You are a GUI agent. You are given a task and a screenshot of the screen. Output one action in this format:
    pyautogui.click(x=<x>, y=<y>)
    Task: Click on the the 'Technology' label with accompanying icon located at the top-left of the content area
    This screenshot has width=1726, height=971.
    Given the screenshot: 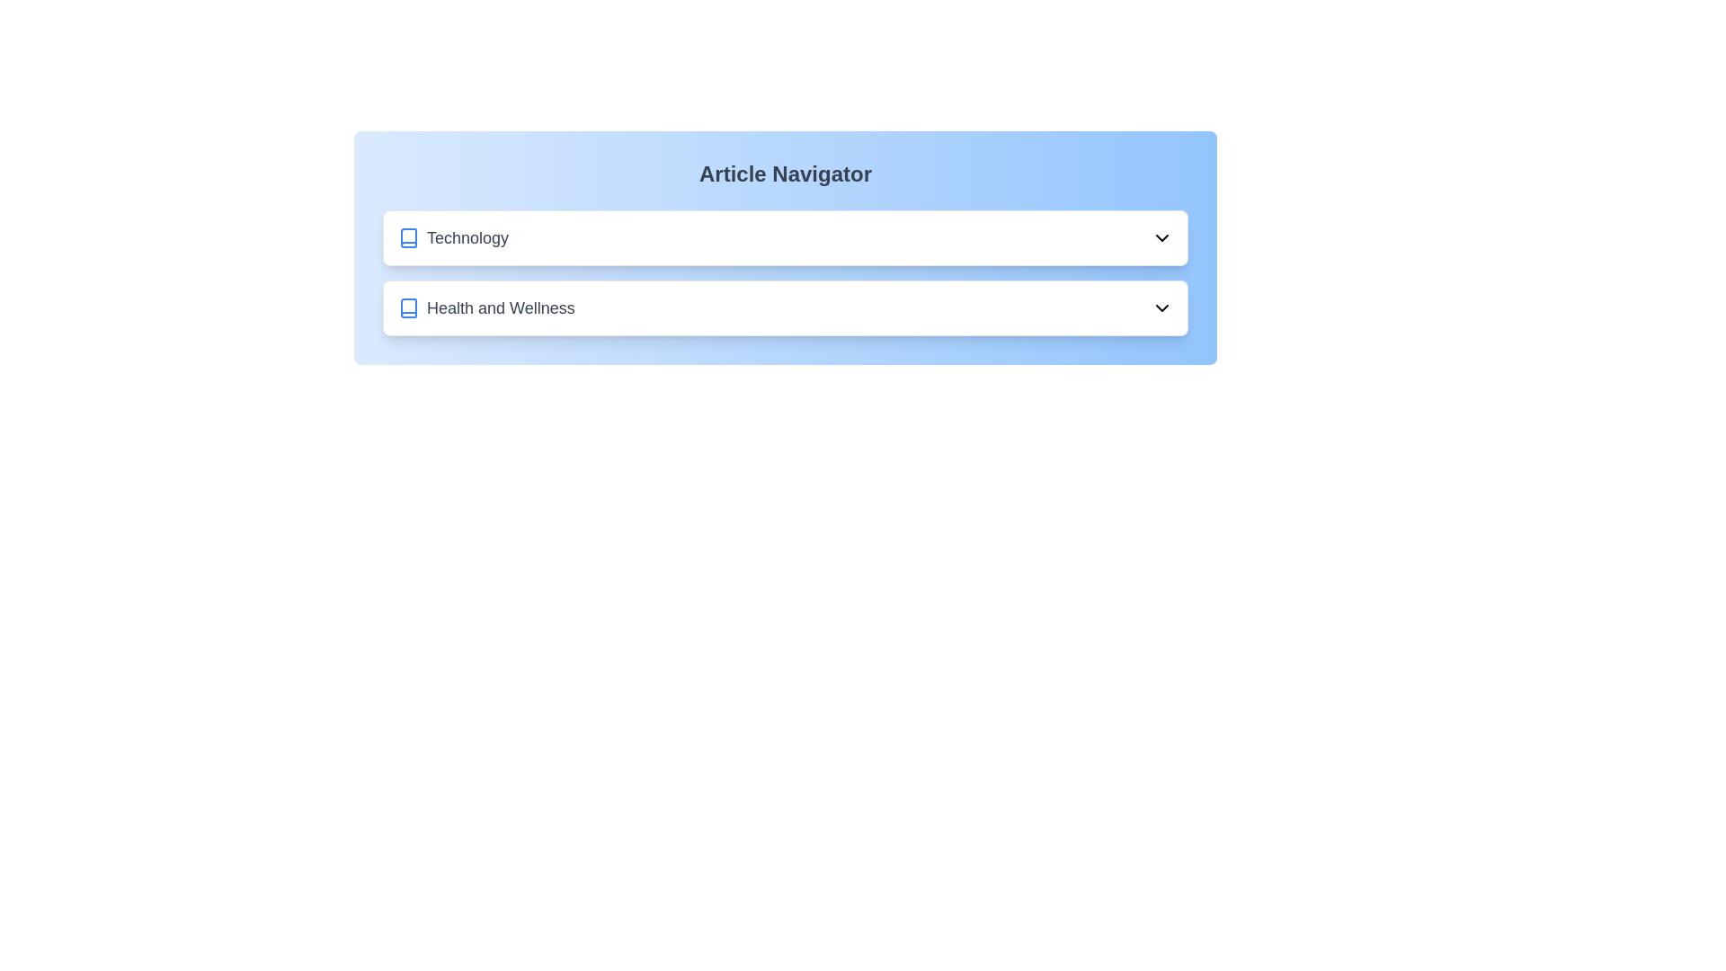 What is the action you would take?
    pyautogui.click(x=453, y=237)
    